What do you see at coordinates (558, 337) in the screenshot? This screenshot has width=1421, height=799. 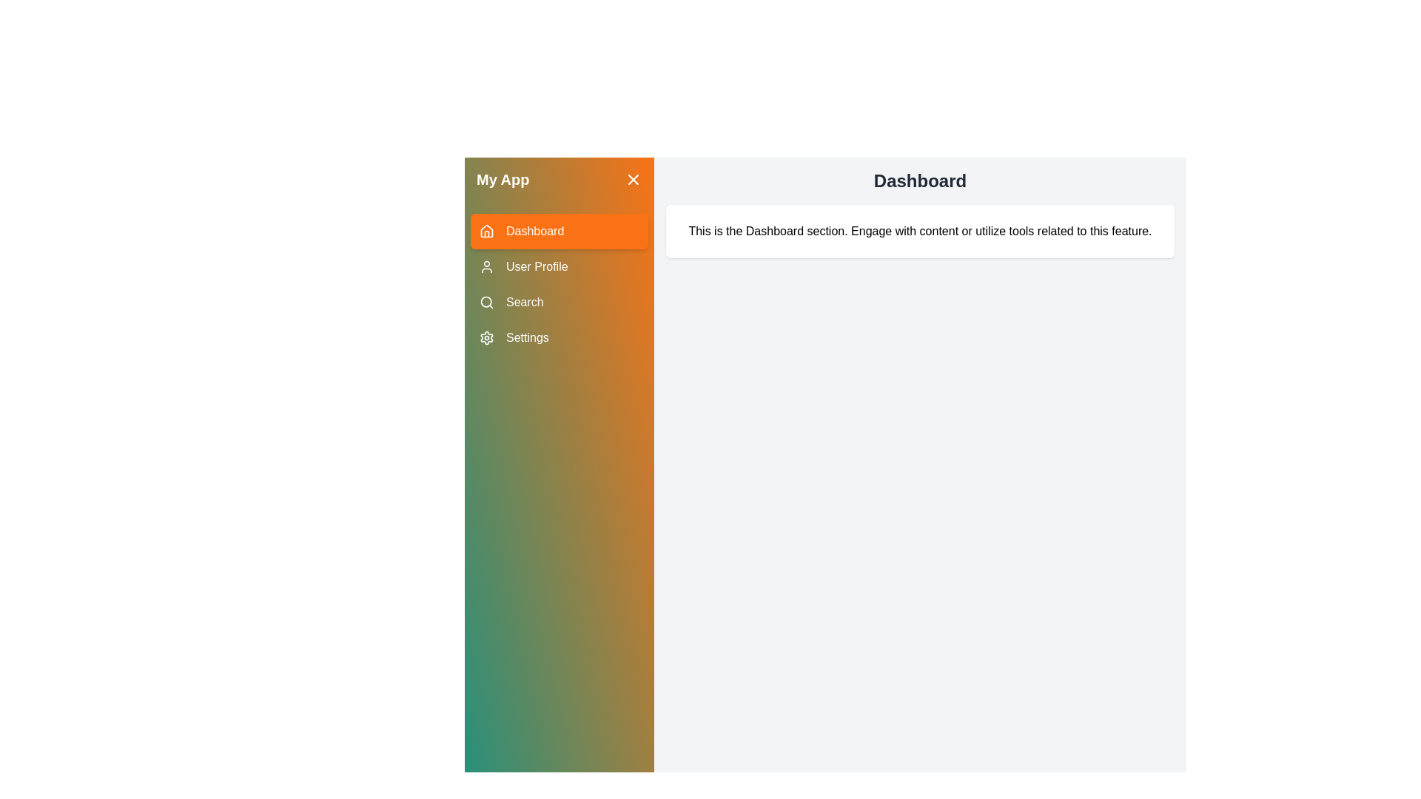 I see `the menu item labeled Settings to change the active section` at bounding box center [558, 337].